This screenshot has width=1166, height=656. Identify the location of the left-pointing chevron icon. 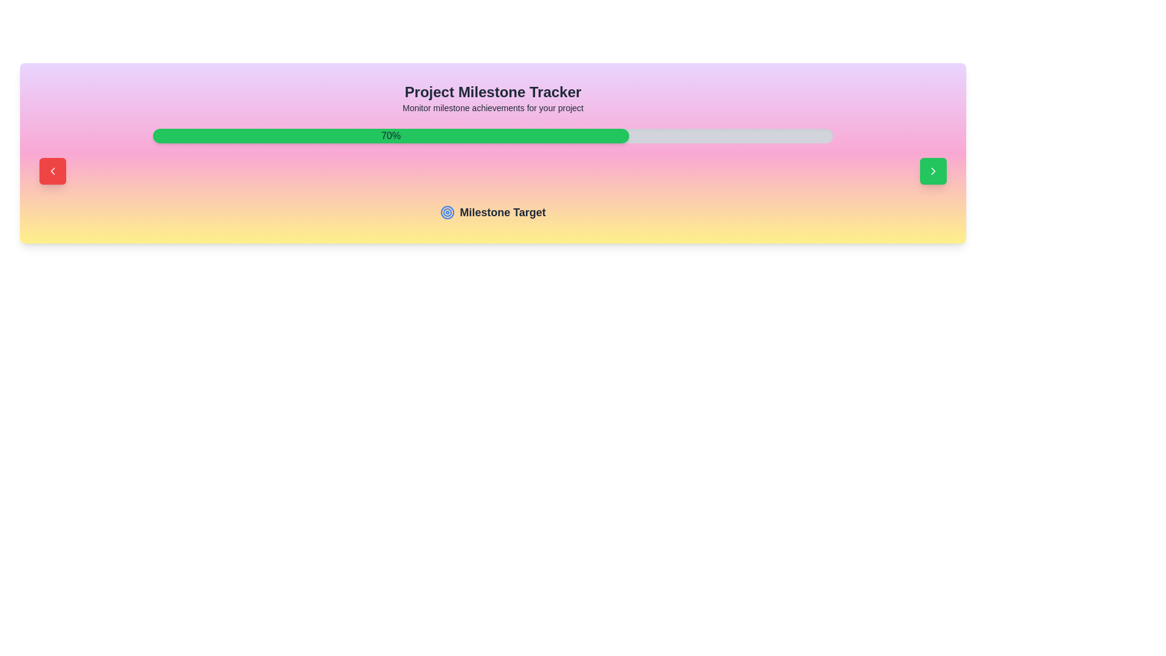
(52, 171).